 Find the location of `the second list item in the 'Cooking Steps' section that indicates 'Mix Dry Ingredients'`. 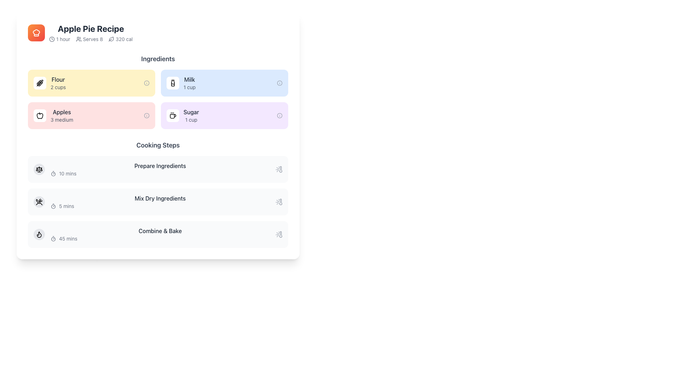

the second list item in the 'Cooking Steps' section that indicates 'Mix Dry Ingredients' is located at coordinates (159, 202).